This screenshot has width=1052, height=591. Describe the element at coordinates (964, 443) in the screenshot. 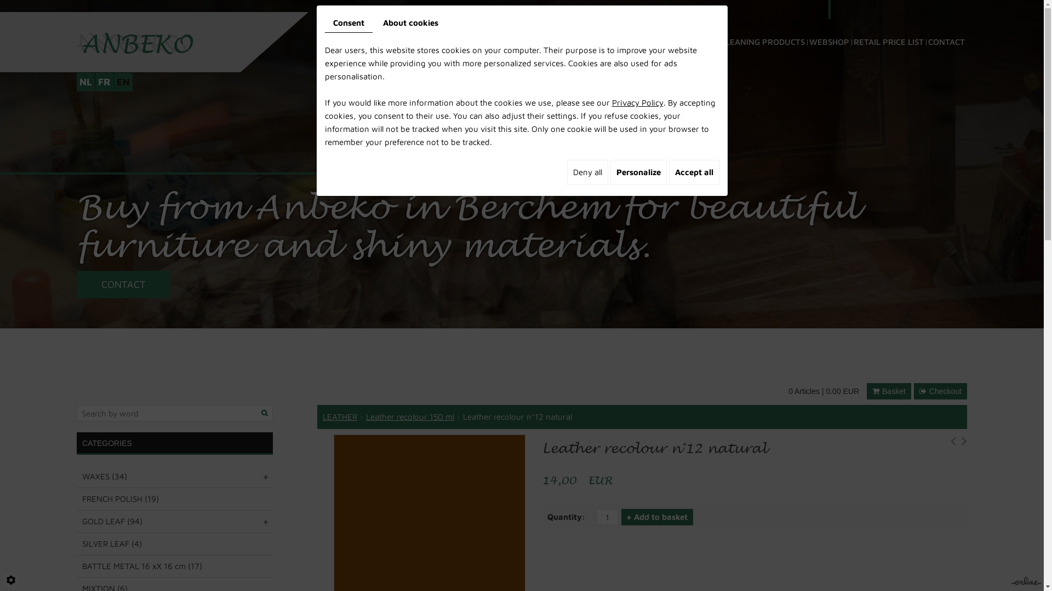

I see `'Next'` at that location.